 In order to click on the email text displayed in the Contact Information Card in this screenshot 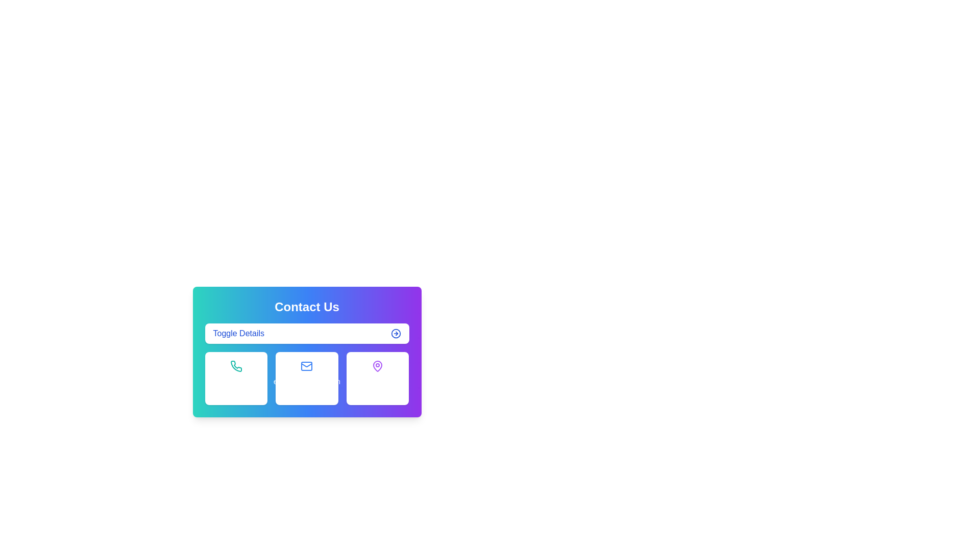, I will do `click(306, 352)`.